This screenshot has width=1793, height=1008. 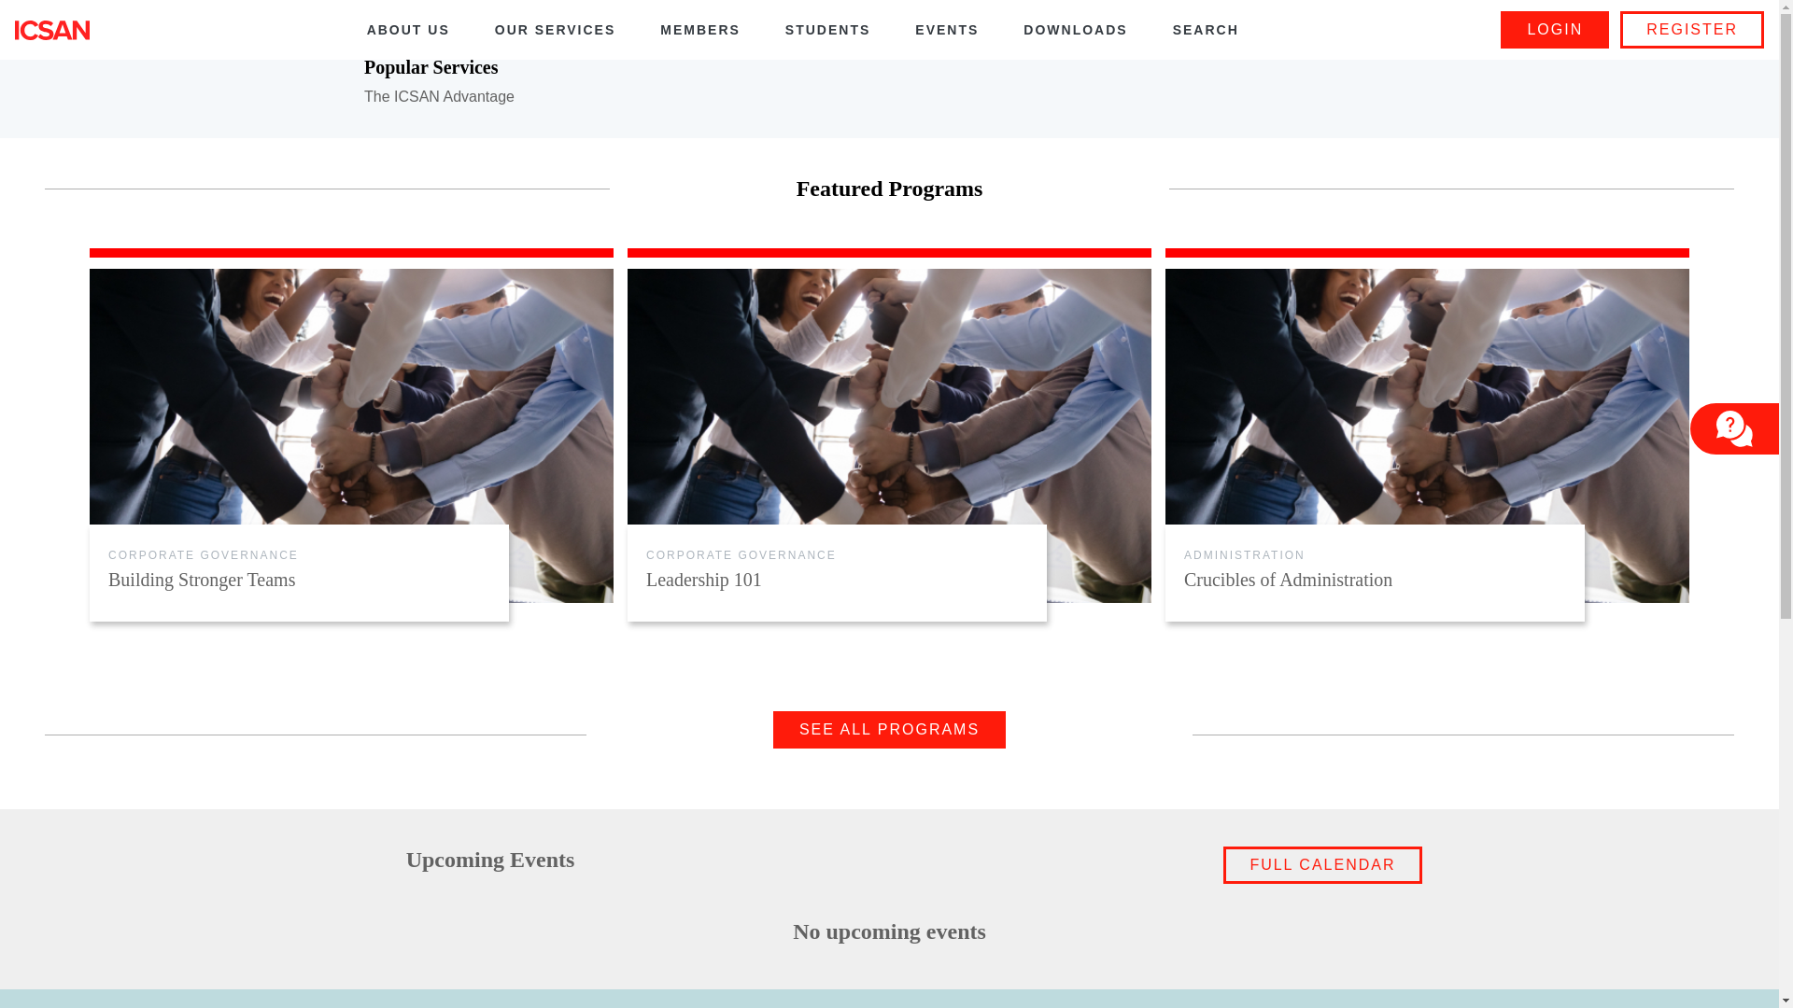 I want to click on 'SEARCH', so click(x=1206, y=30).